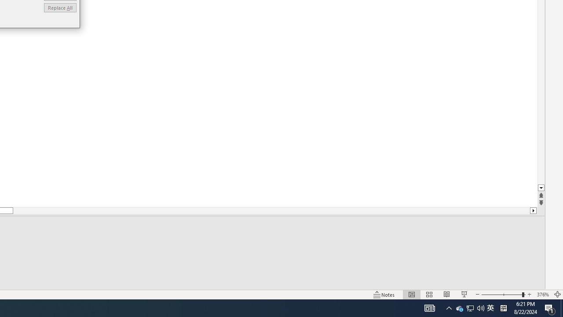 This screenshot has width=563, height=317. What do you see at coordinates (561, 307) in the screenshot?
I see `'Action Center, 1 new notification'` at bounding box center [561, 307].